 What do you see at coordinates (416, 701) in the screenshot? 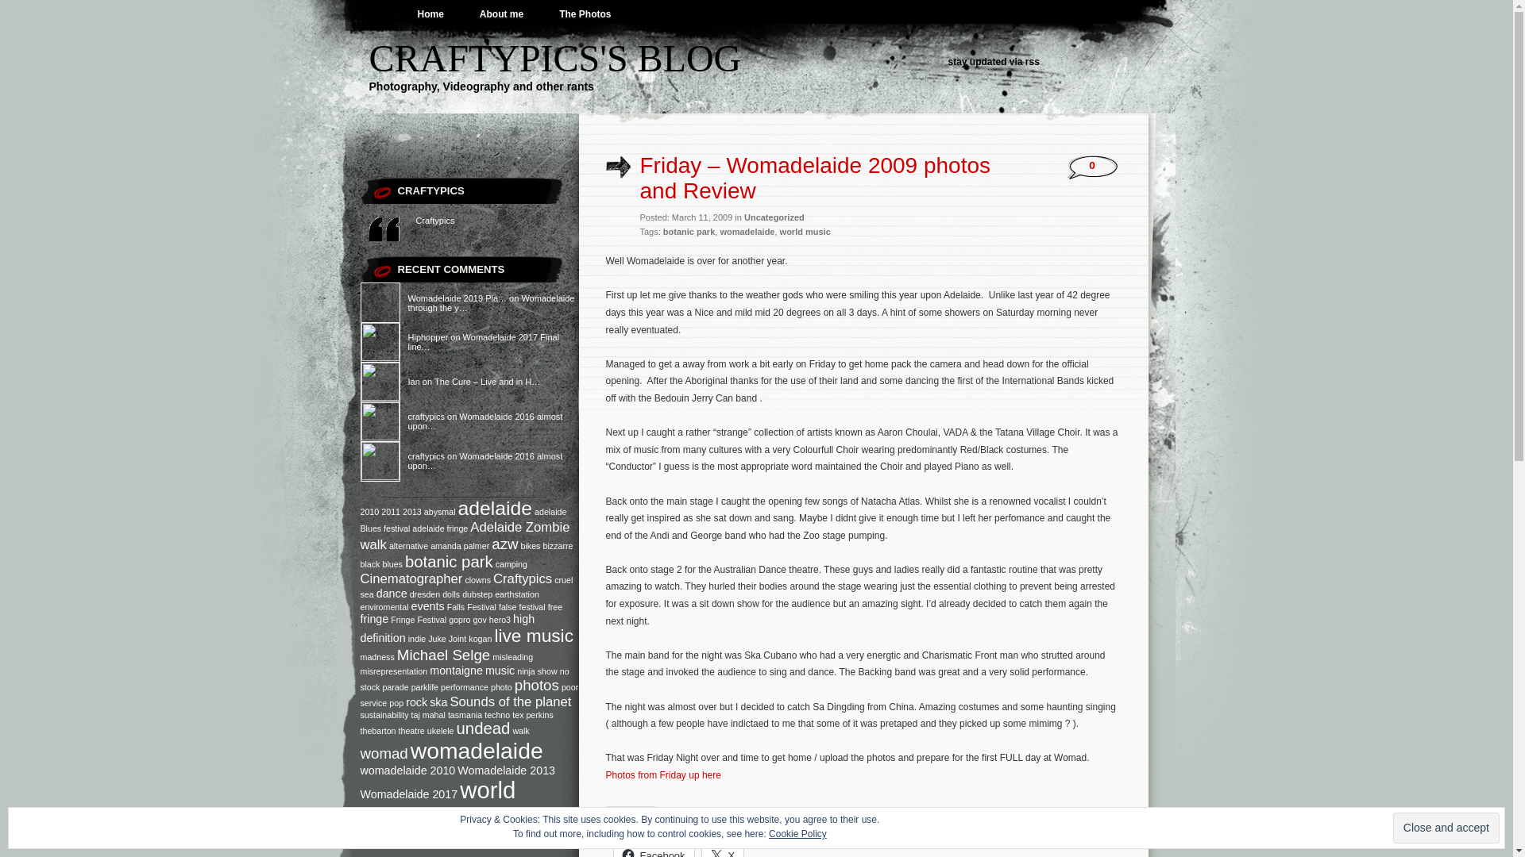
I see `'rock'` at bounding box center [416, 701].